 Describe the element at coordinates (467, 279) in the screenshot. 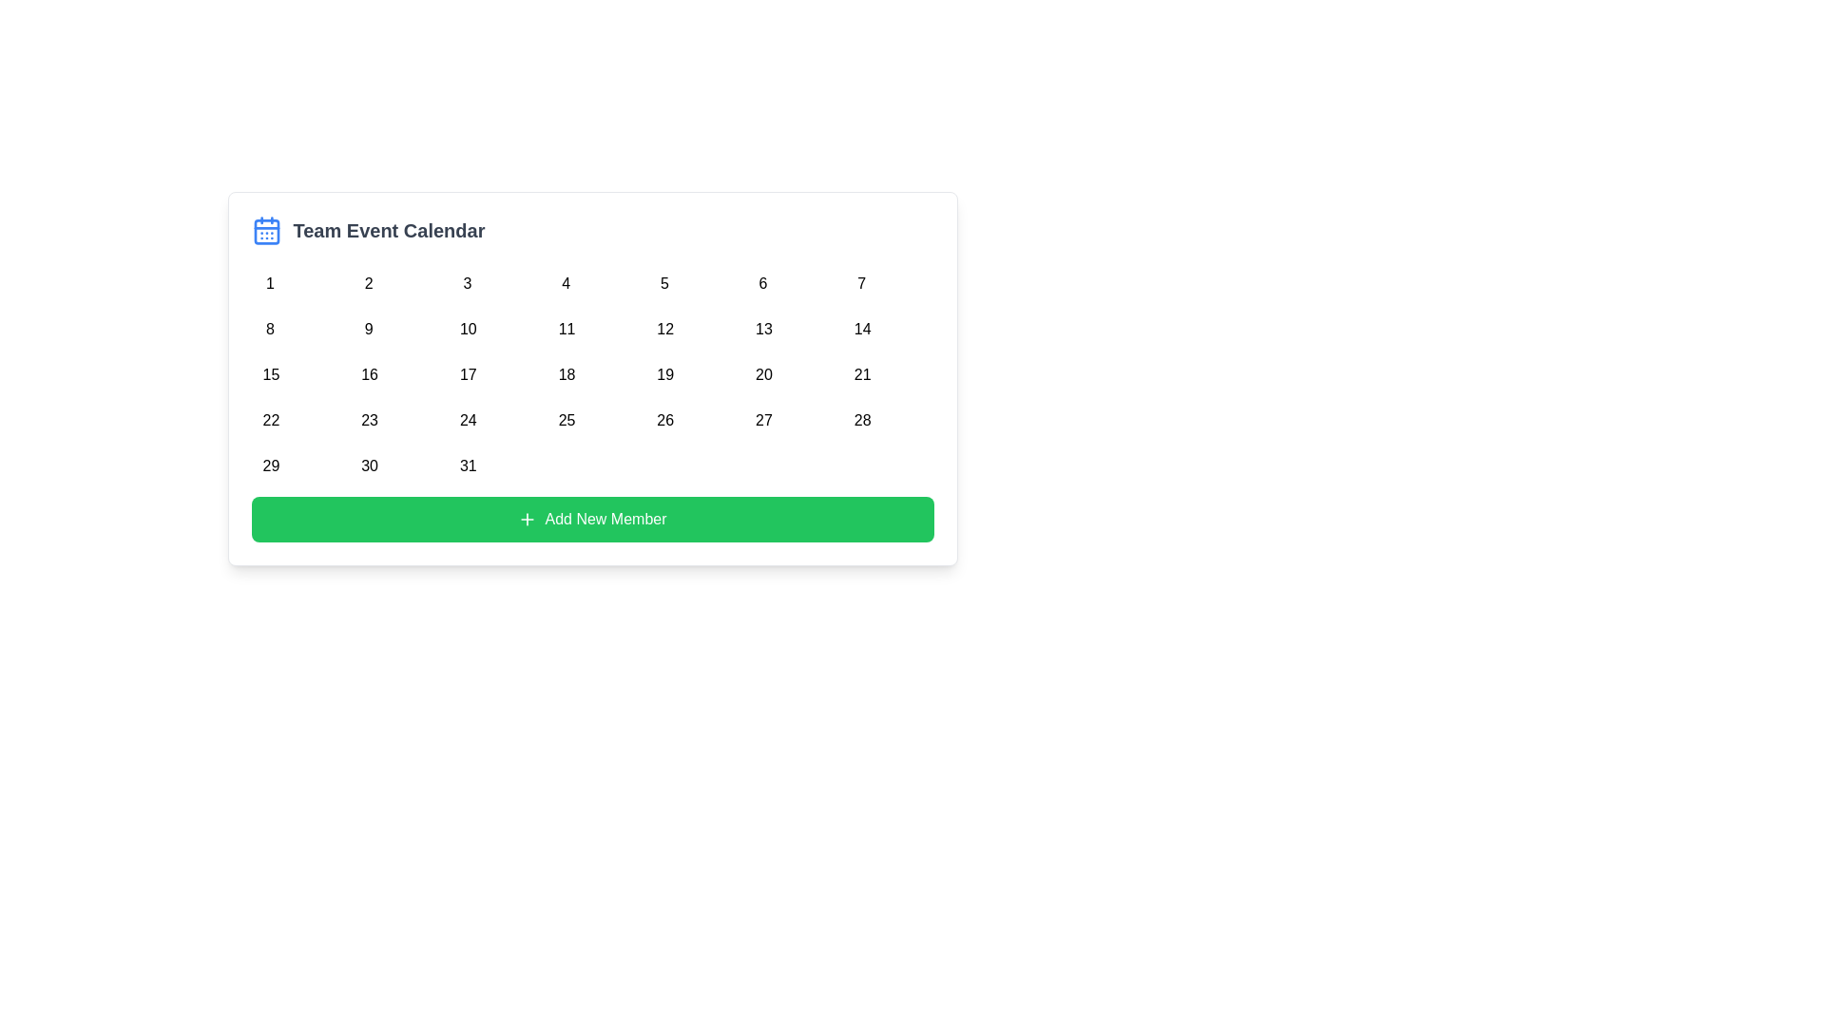

I see `the button displaying the number '3' in the calendar view` at that location.